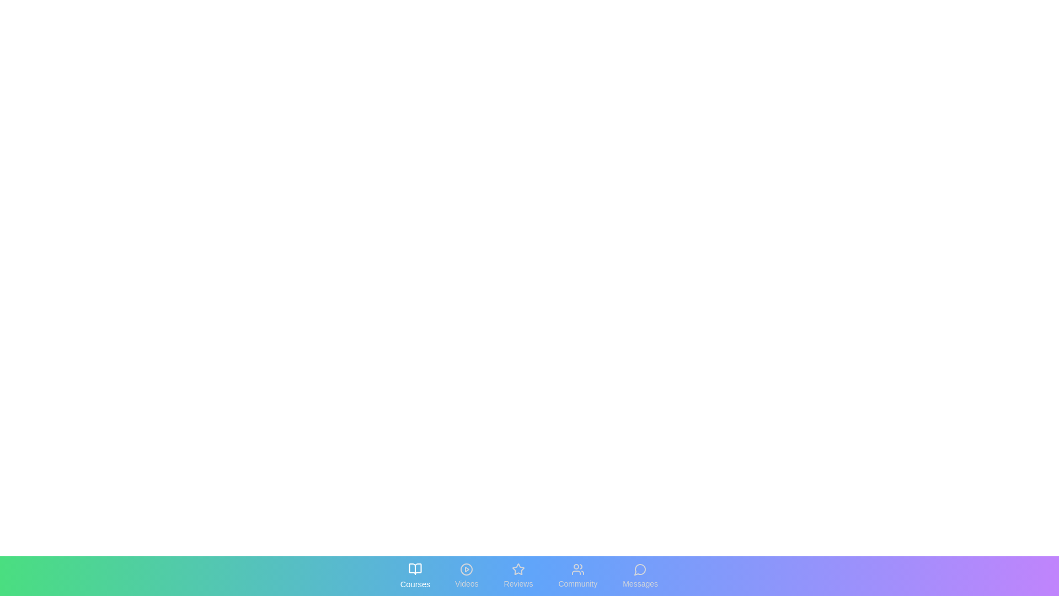  Describe the element at coordinates (640, 576) in the screenshot. I see `the tab labeled Messages` at that location.